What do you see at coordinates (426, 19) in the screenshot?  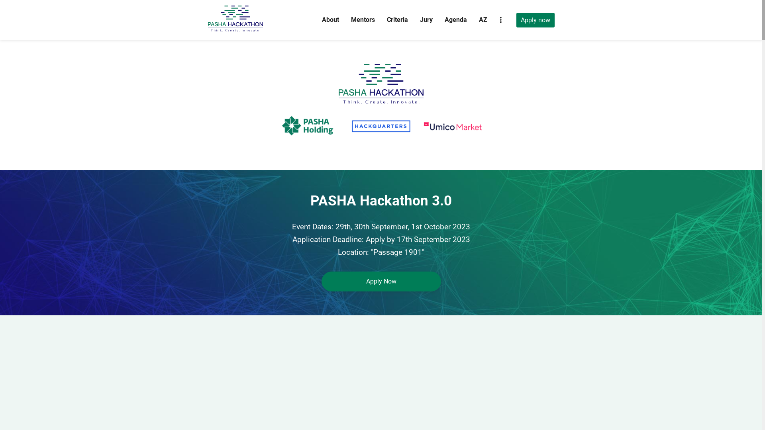 I see `'Jury'` at bounding box center [426, 19].